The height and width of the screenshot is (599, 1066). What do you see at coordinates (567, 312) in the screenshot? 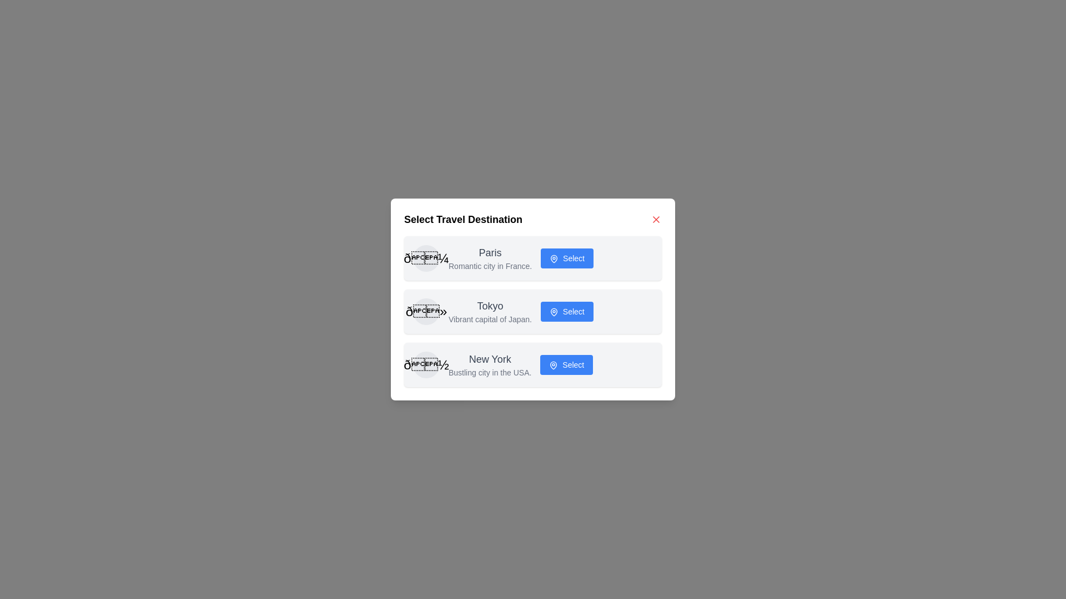
I see `'Select' button for the destination Tokyo` at bounding box center [567, 312].